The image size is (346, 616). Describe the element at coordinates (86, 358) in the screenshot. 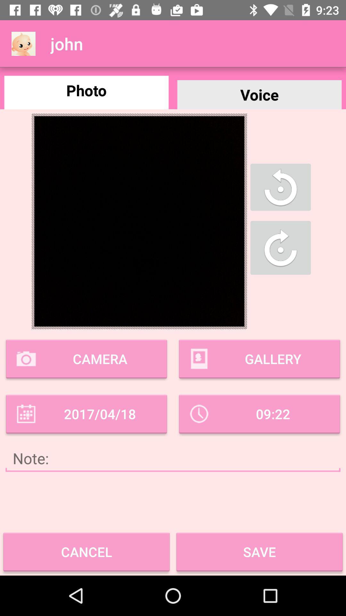

I see `camera` at that location.